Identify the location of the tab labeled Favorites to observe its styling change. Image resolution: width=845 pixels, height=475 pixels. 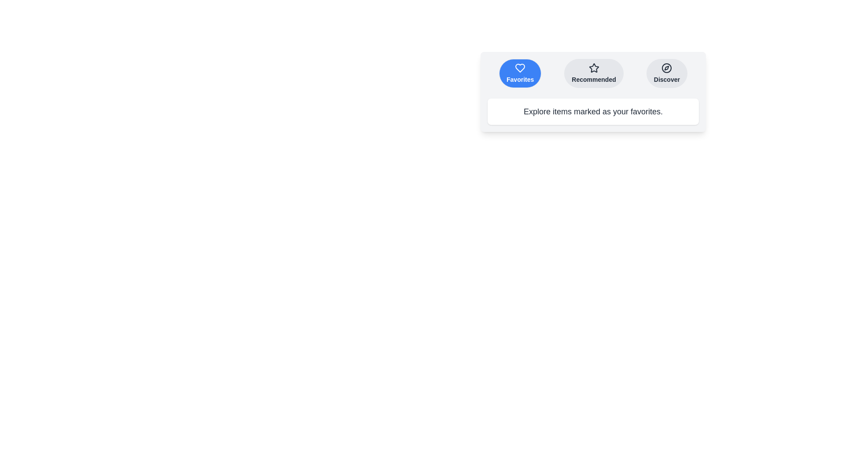
(520, 73).